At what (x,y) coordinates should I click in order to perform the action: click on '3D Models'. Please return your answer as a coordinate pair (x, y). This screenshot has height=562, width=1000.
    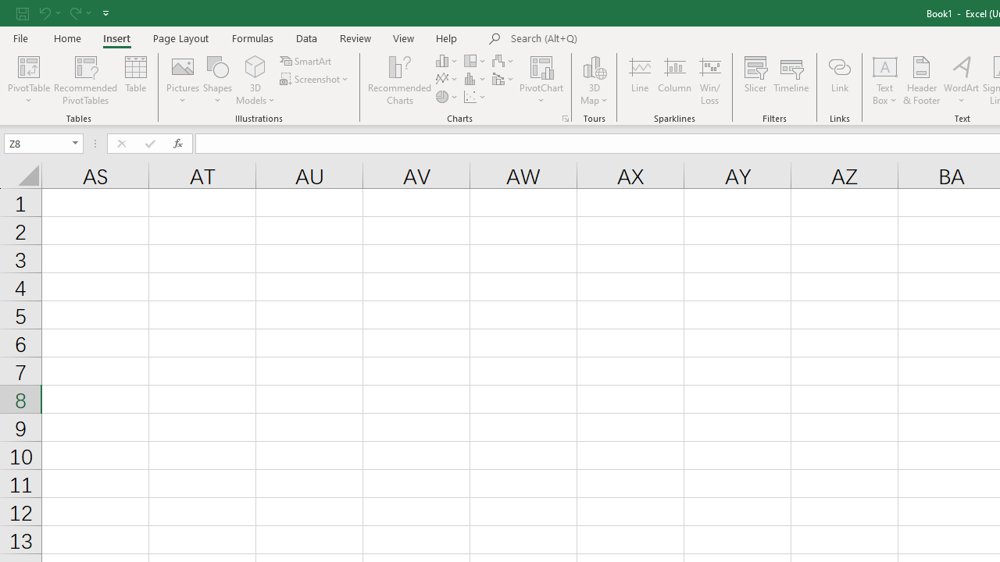
    Looking at the image, I should click on (255, 80).